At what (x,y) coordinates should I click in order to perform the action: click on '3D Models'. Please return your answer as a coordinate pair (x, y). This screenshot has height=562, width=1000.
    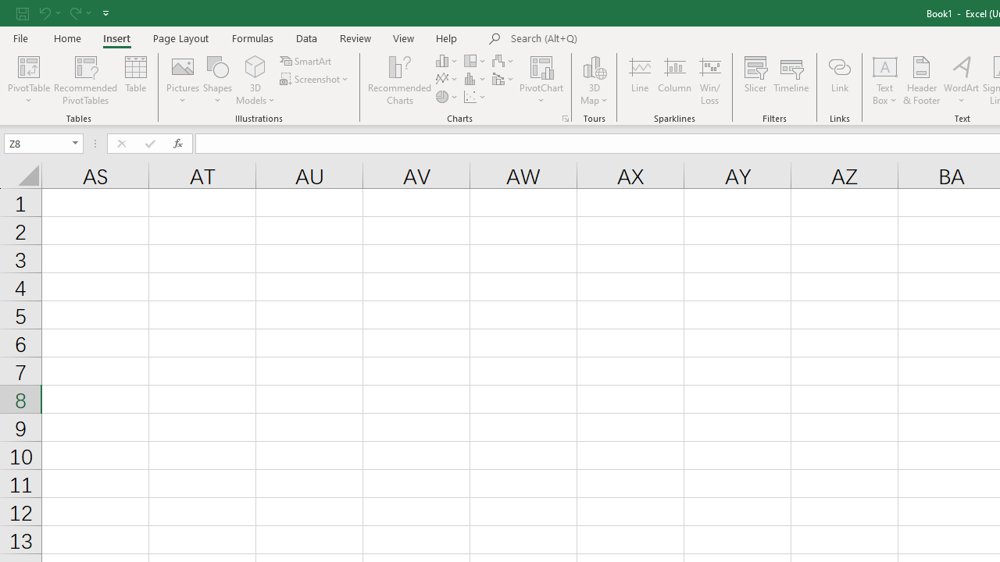
    Looking at the image, I should click on (255, 80).